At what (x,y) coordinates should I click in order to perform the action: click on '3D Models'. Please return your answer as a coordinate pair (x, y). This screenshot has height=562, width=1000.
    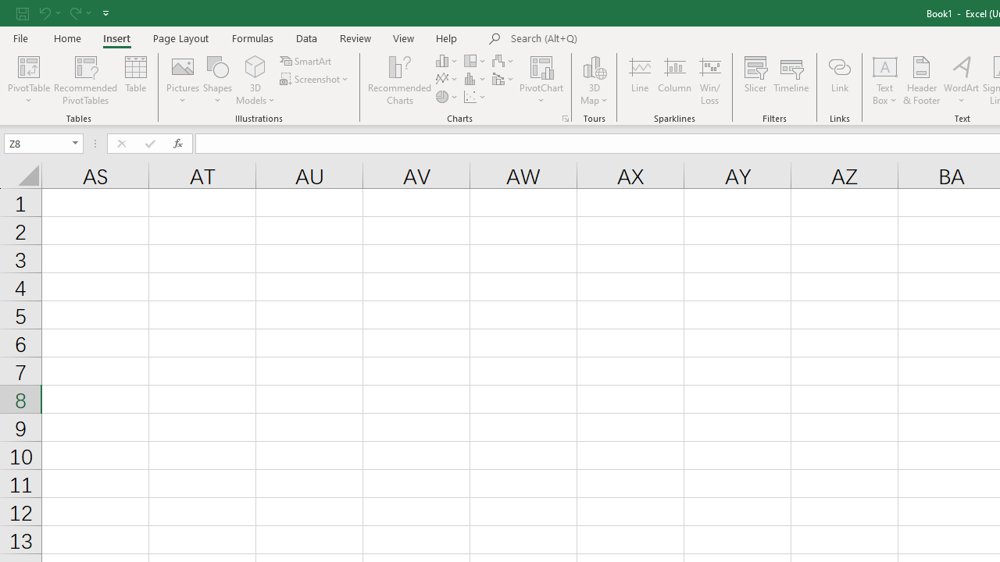
    Looking at the image, I should click on (255, 80).